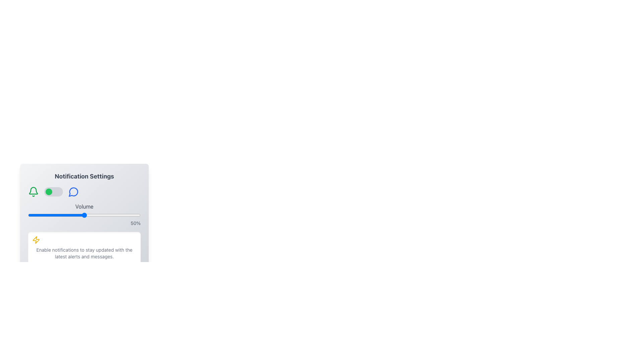 The image size is (643, 361). I want to click on the volume, so click(40, 215).